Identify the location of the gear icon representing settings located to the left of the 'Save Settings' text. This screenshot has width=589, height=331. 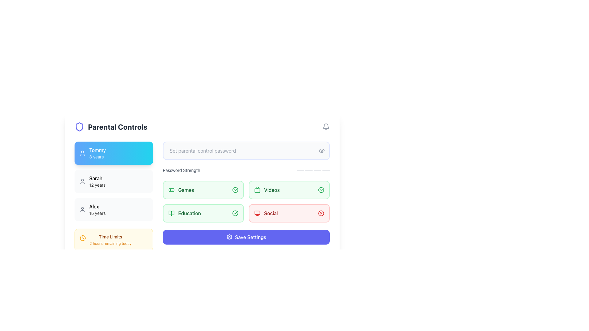
(229, 237).